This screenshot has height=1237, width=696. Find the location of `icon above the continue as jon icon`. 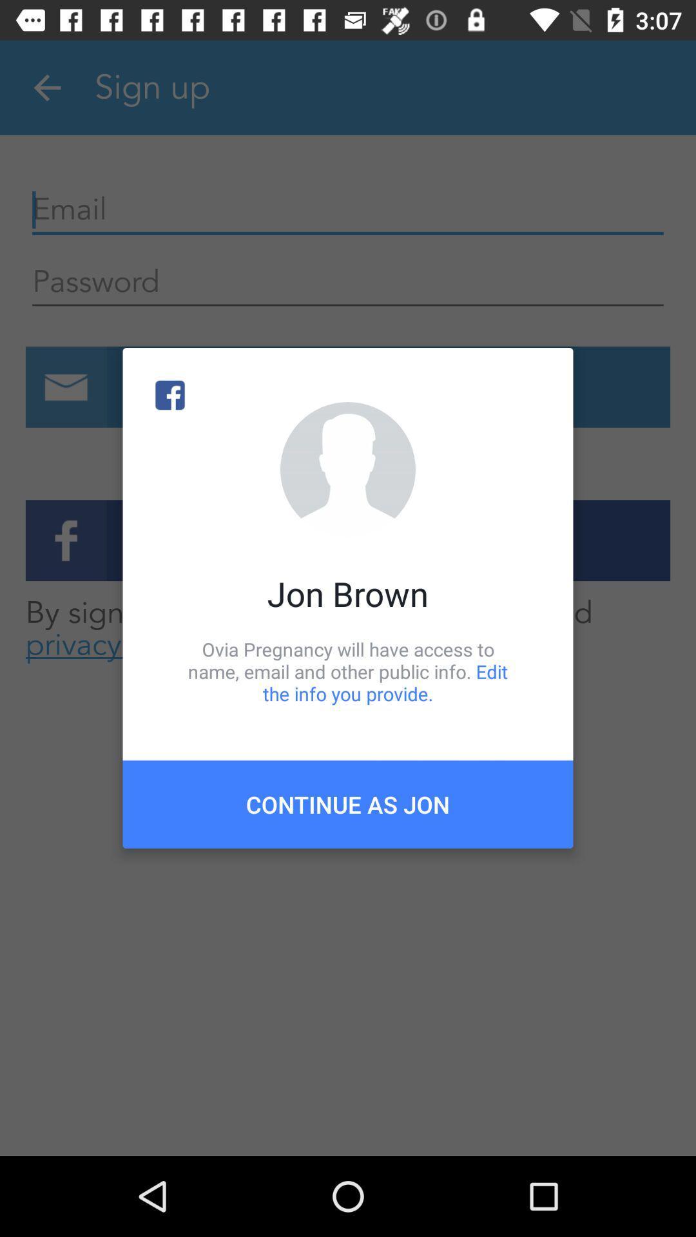

icon above the continue as jon icon is located at coordinates (348, 671).